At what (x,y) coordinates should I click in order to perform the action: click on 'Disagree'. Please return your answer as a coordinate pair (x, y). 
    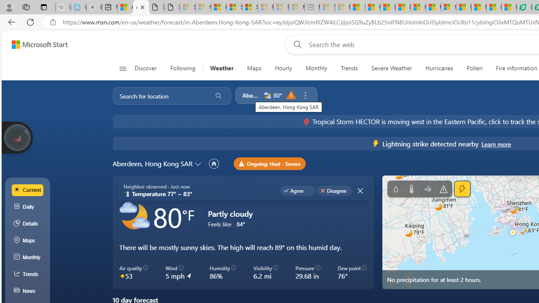
    Looking at the image, I should click on (334, 190).